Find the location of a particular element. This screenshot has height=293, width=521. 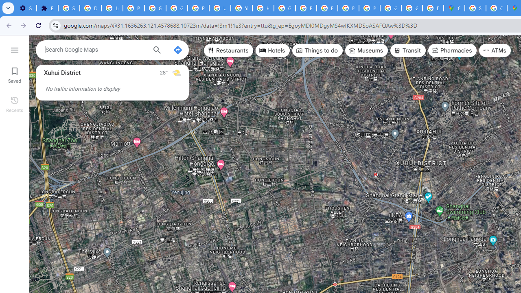

'Transit' is located at coordinates (407, 50).